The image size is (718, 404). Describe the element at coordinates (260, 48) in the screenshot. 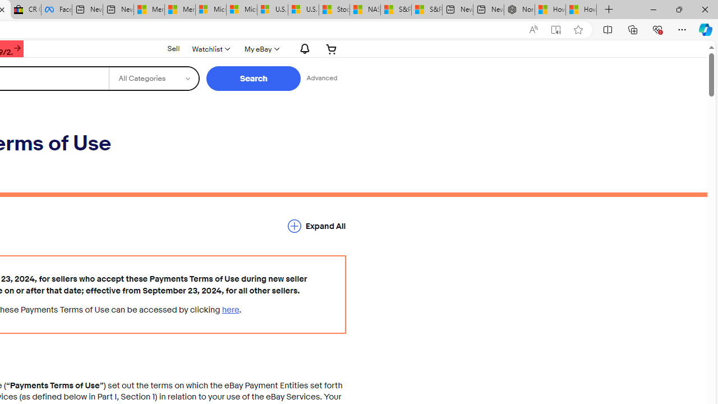

I see `'My eBay'` at that location.